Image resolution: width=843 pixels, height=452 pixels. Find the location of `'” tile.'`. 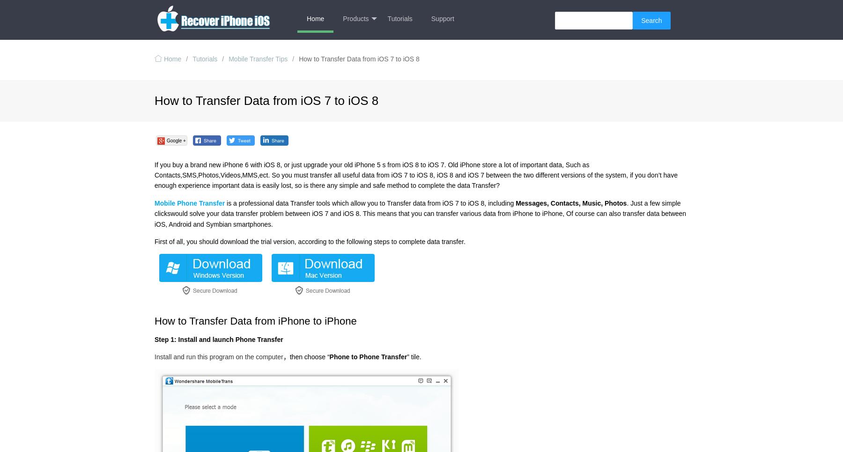

'” tile.' is located at coordinates (414, 356).